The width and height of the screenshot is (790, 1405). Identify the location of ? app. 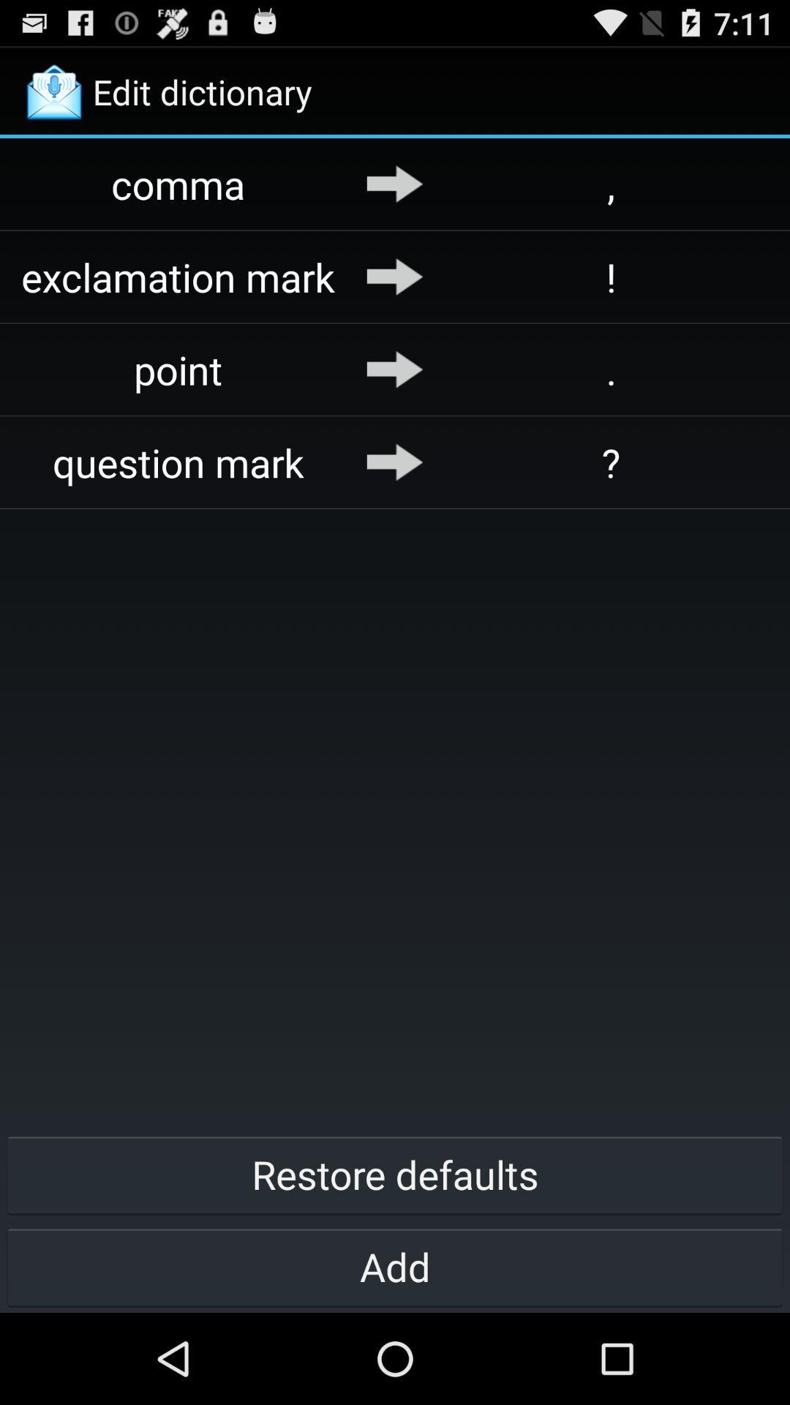
(611, 461).